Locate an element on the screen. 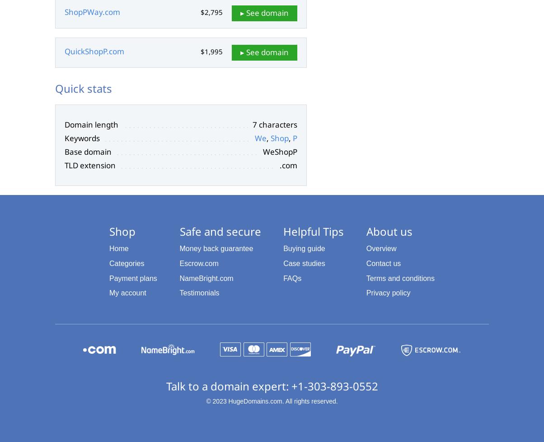 This screenshot has height=442, width=544. 'TLD extension' is located at coordinates (90, 165).